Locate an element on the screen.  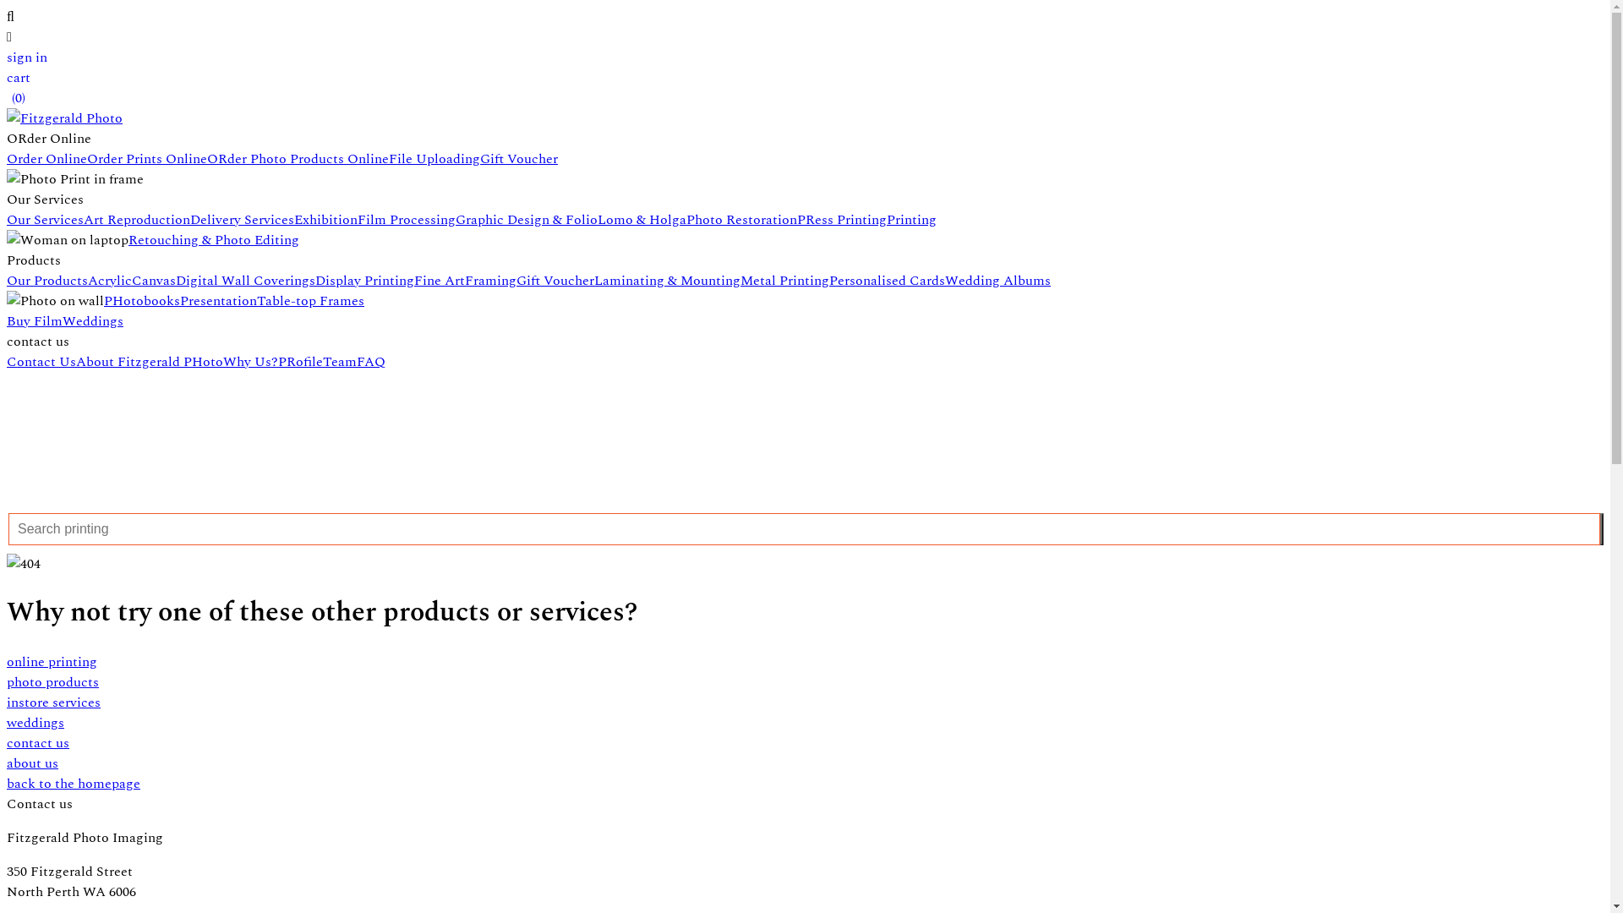
'File Uploading' is located at coordinates (434, 159).